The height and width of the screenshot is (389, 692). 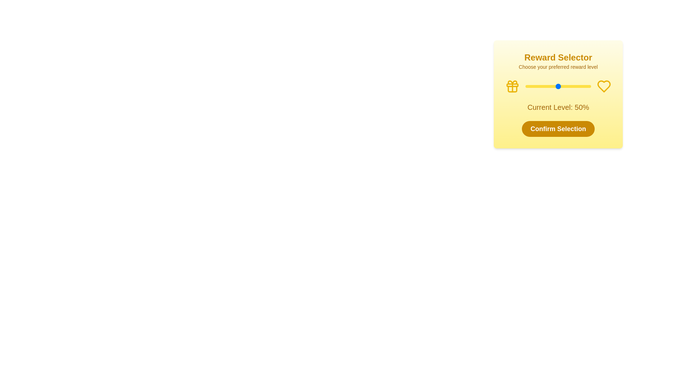 I want to click on the static text that reads 'Choose your preferred reward level', which is styled with a small font size and a yellowish-brown color, located within a card-like interface with a pale yellow background, so click(x=558, y=67).